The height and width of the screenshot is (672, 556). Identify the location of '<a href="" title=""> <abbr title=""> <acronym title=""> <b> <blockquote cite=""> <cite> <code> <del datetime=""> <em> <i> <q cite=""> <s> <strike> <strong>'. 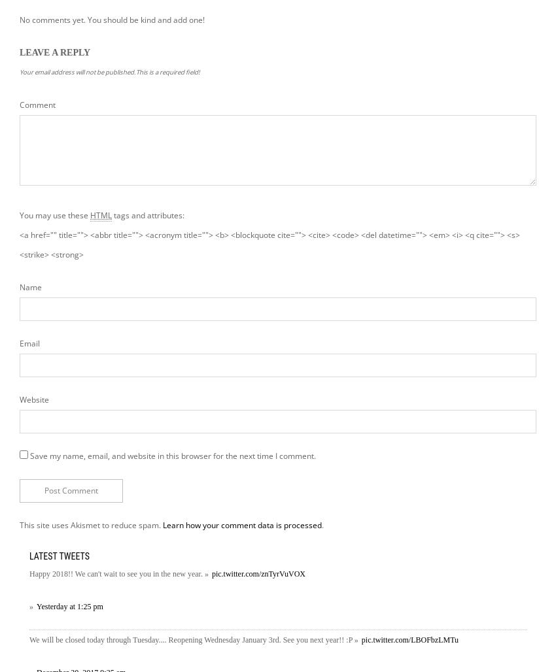
(269, 243).